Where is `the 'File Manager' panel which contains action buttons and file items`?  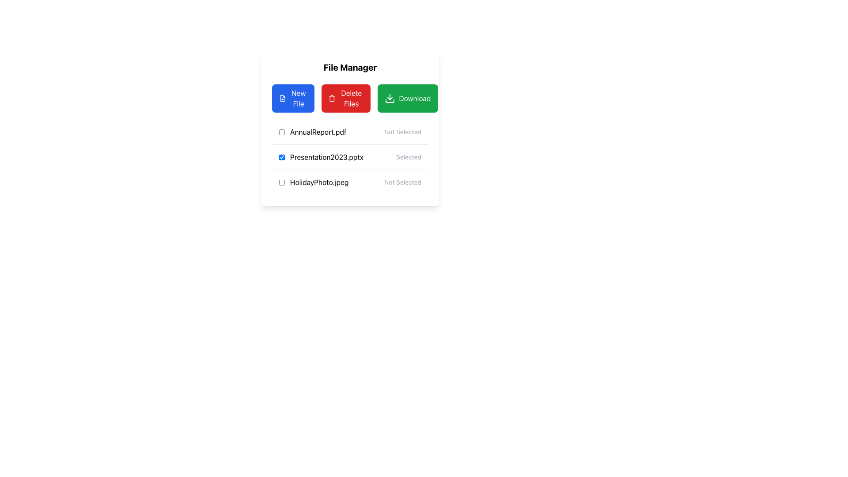
the 'File Manager' panel which contains action buttons and file items is located at coordinates (349, 157).